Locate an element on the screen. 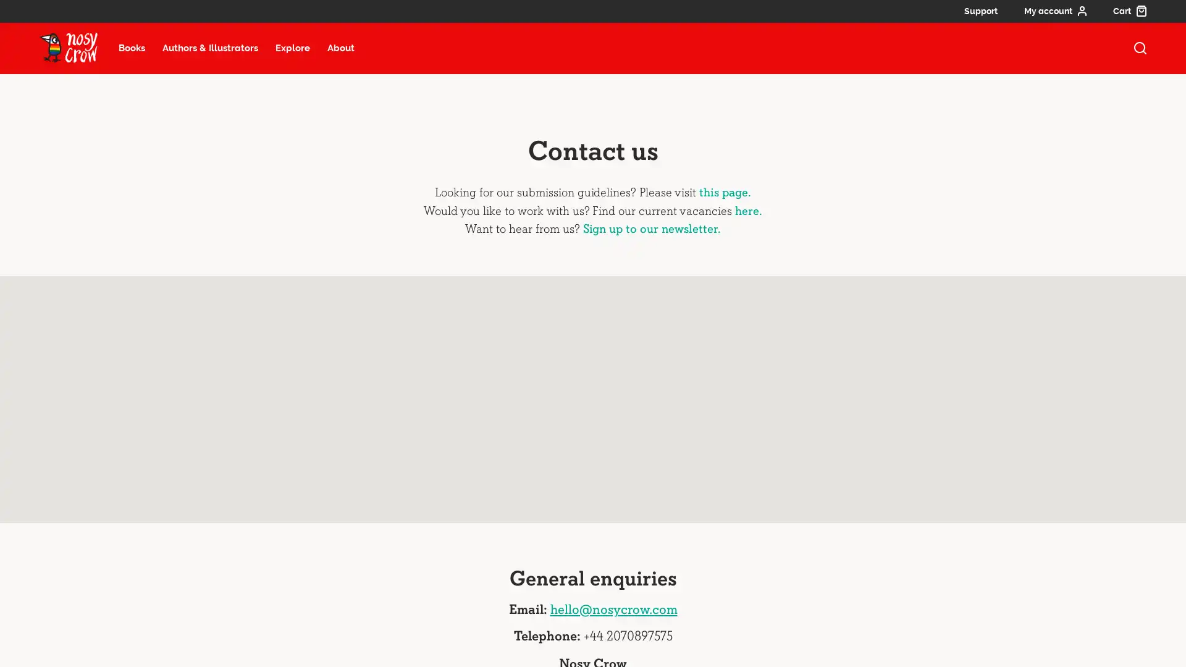  Keyboard shortcuts is located at coordinates (980, 518).